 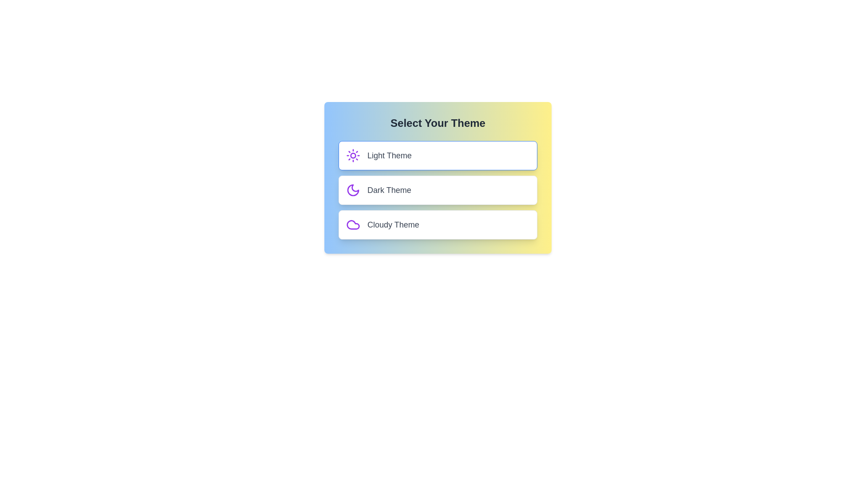 I want to click on the 'Light Theme' option in the theme selection menu, so click(x=438, y=155).